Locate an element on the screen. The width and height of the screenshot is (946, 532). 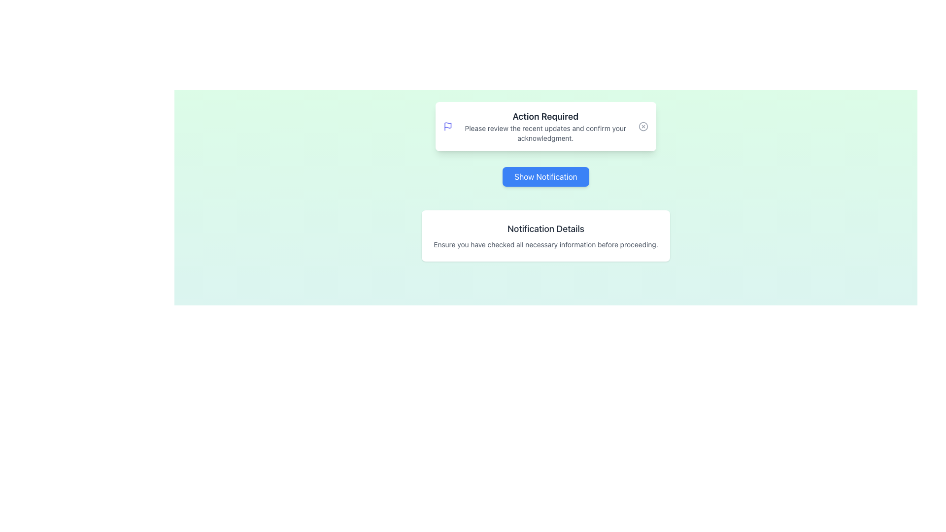
the informational text label located underneath the 'Notification Details' header within the white card component, which prompts the user to verify details before proceeding is located at coordinates (545, 244).